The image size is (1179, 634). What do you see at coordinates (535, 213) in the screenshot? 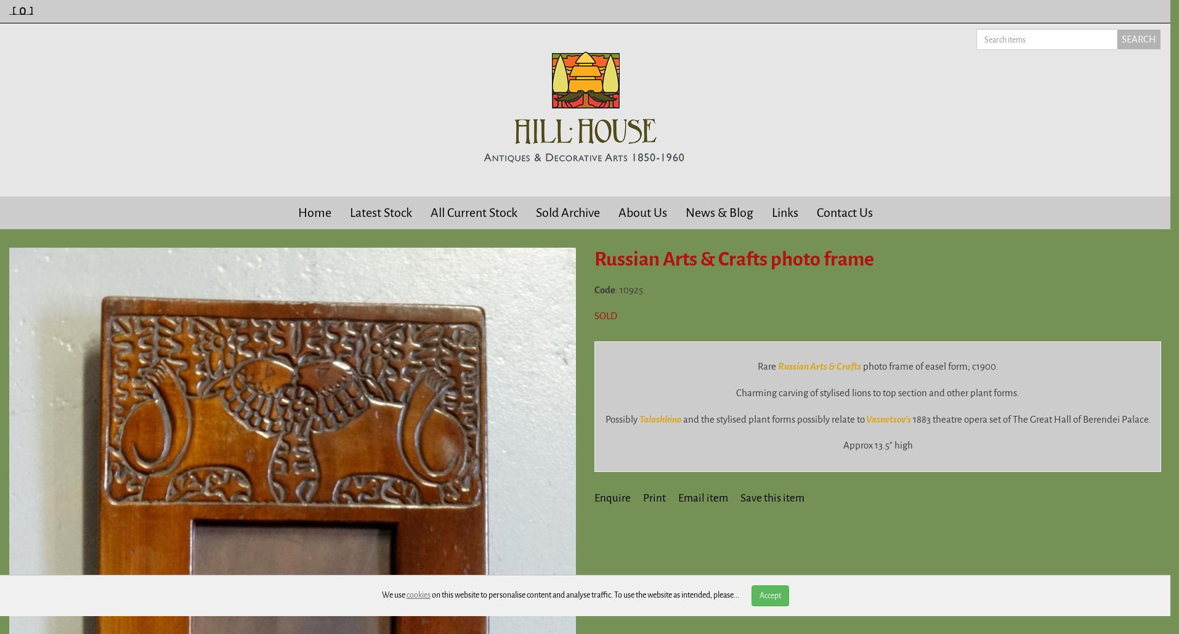
I see `'Sold Archive'` at bounding box center [535, 213].